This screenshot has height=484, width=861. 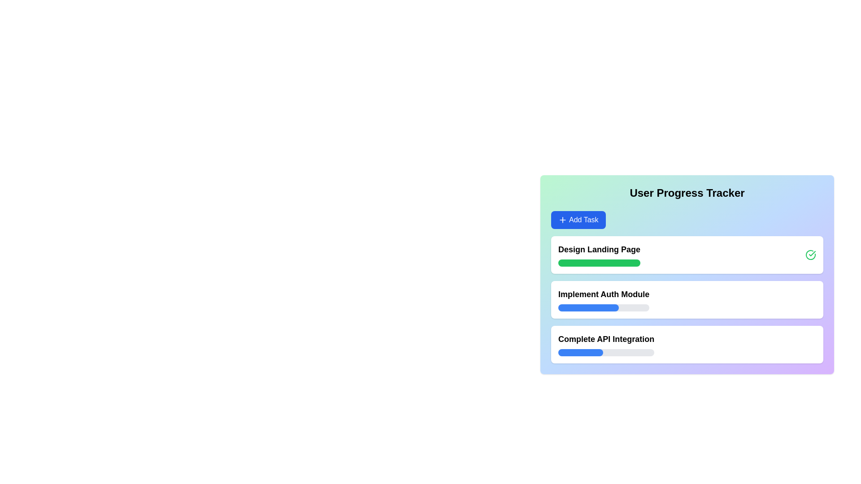 I want to click on the progress bar completion, so click(x=593, y=352).